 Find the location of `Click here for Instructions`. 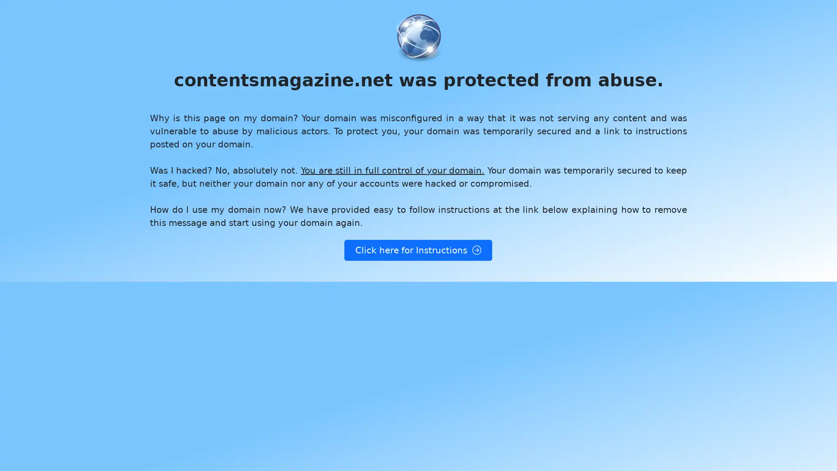

Click here for Instructions is located at coordinates (418, 250).